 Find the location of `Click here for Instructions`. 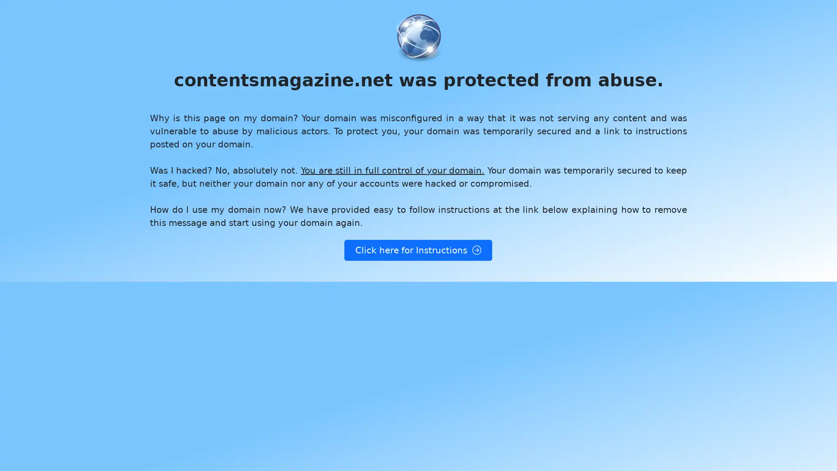

Click here for Instructions is located at coordinates (418, 250).